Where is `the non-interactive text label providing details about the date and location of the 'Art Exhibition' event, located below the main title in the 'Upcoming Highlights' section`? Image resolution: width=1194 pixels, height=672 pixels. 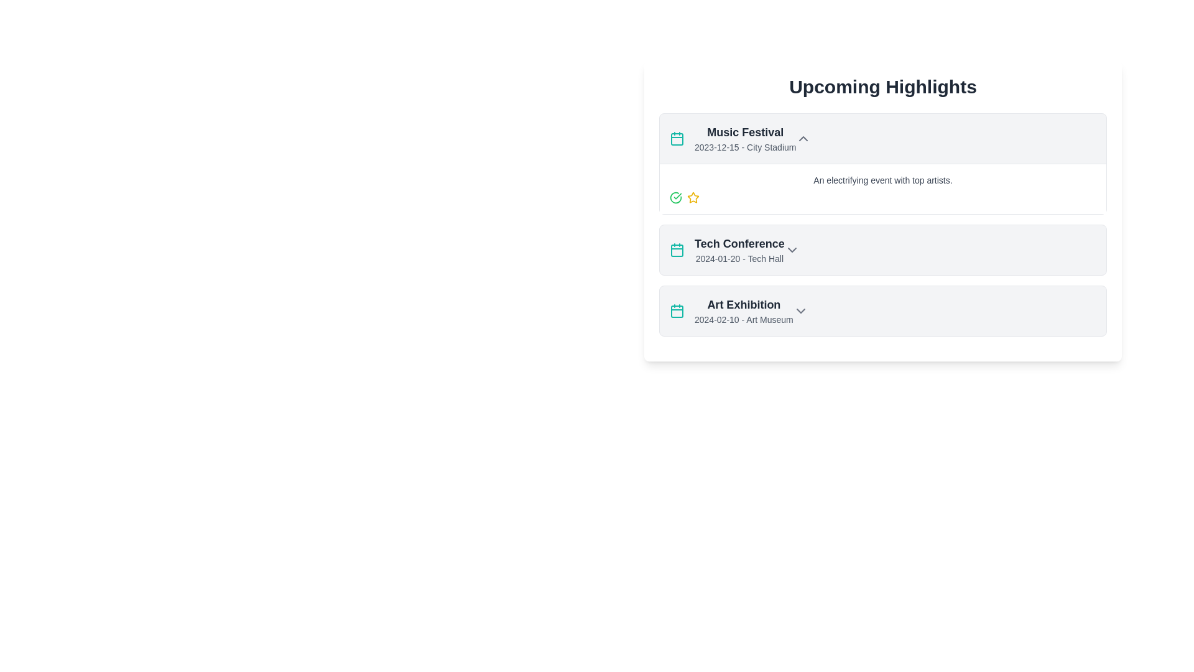 the non-interactive text label providing details about the date and location of the 'Art Exhibition' event, located below the main title in the 'Upcoming Highlights' section is located at coordinates (744, 319).